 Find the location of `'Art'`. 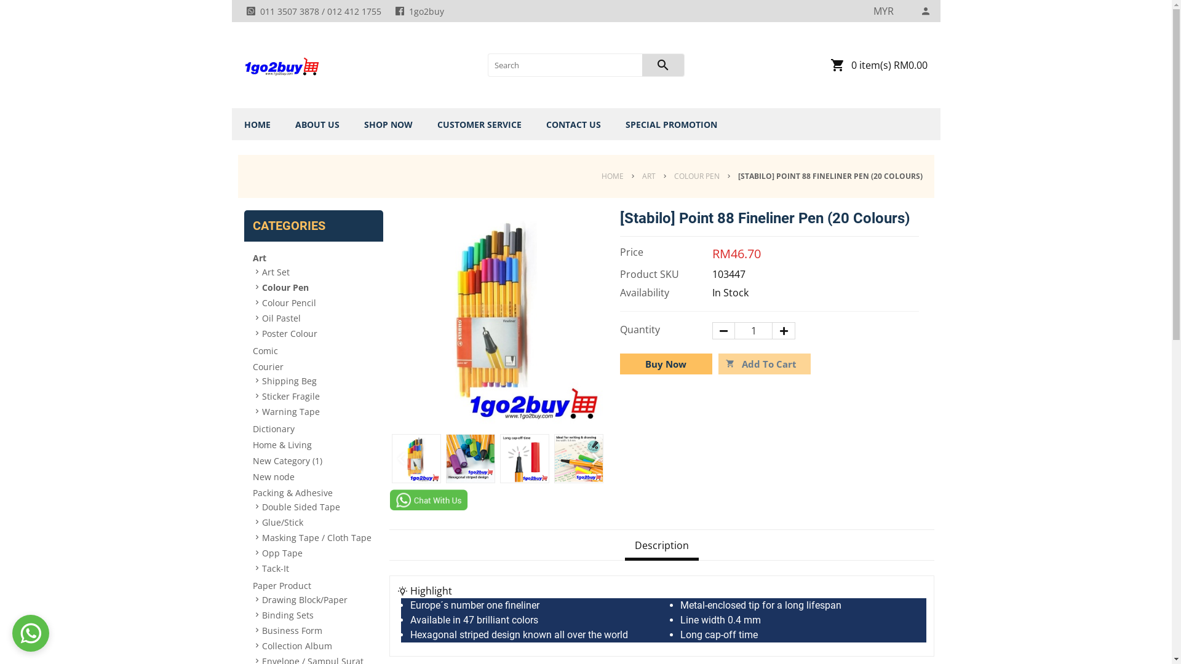

'Art' is located at coordinates (312, 256).